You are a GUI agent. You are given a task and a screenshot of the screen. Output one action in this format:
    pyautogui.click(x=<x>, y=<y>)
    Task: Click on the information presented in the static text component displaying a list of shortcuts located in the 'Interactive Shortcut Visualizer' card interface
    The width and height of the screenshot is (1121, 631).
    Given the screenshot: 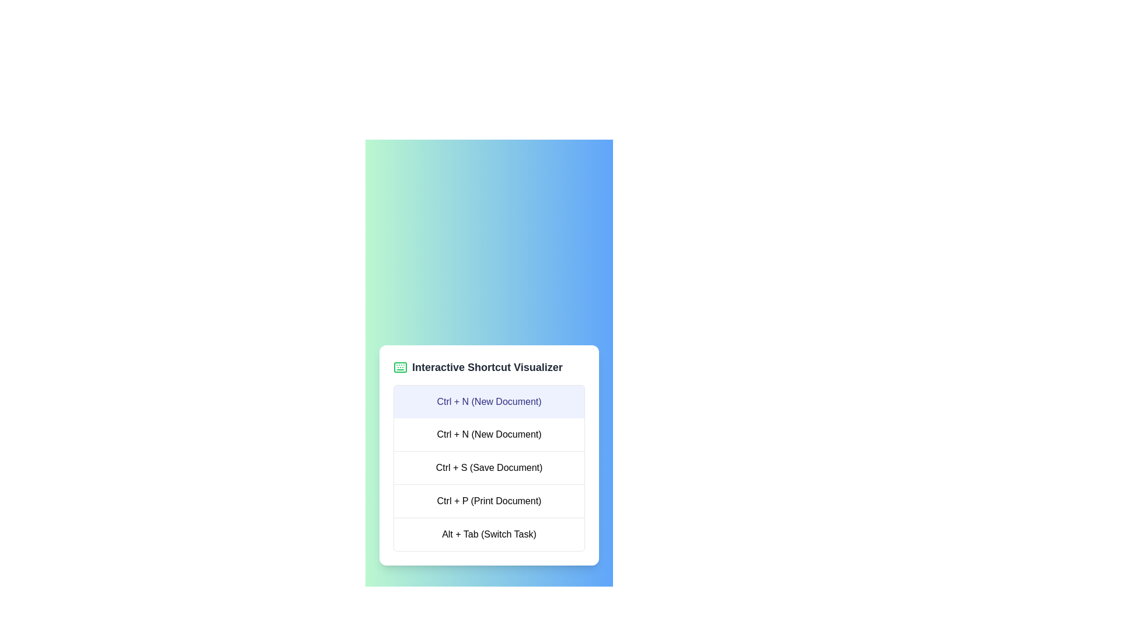 What is the action you would take?
    pyautogui.click(x=489, y=467)
    